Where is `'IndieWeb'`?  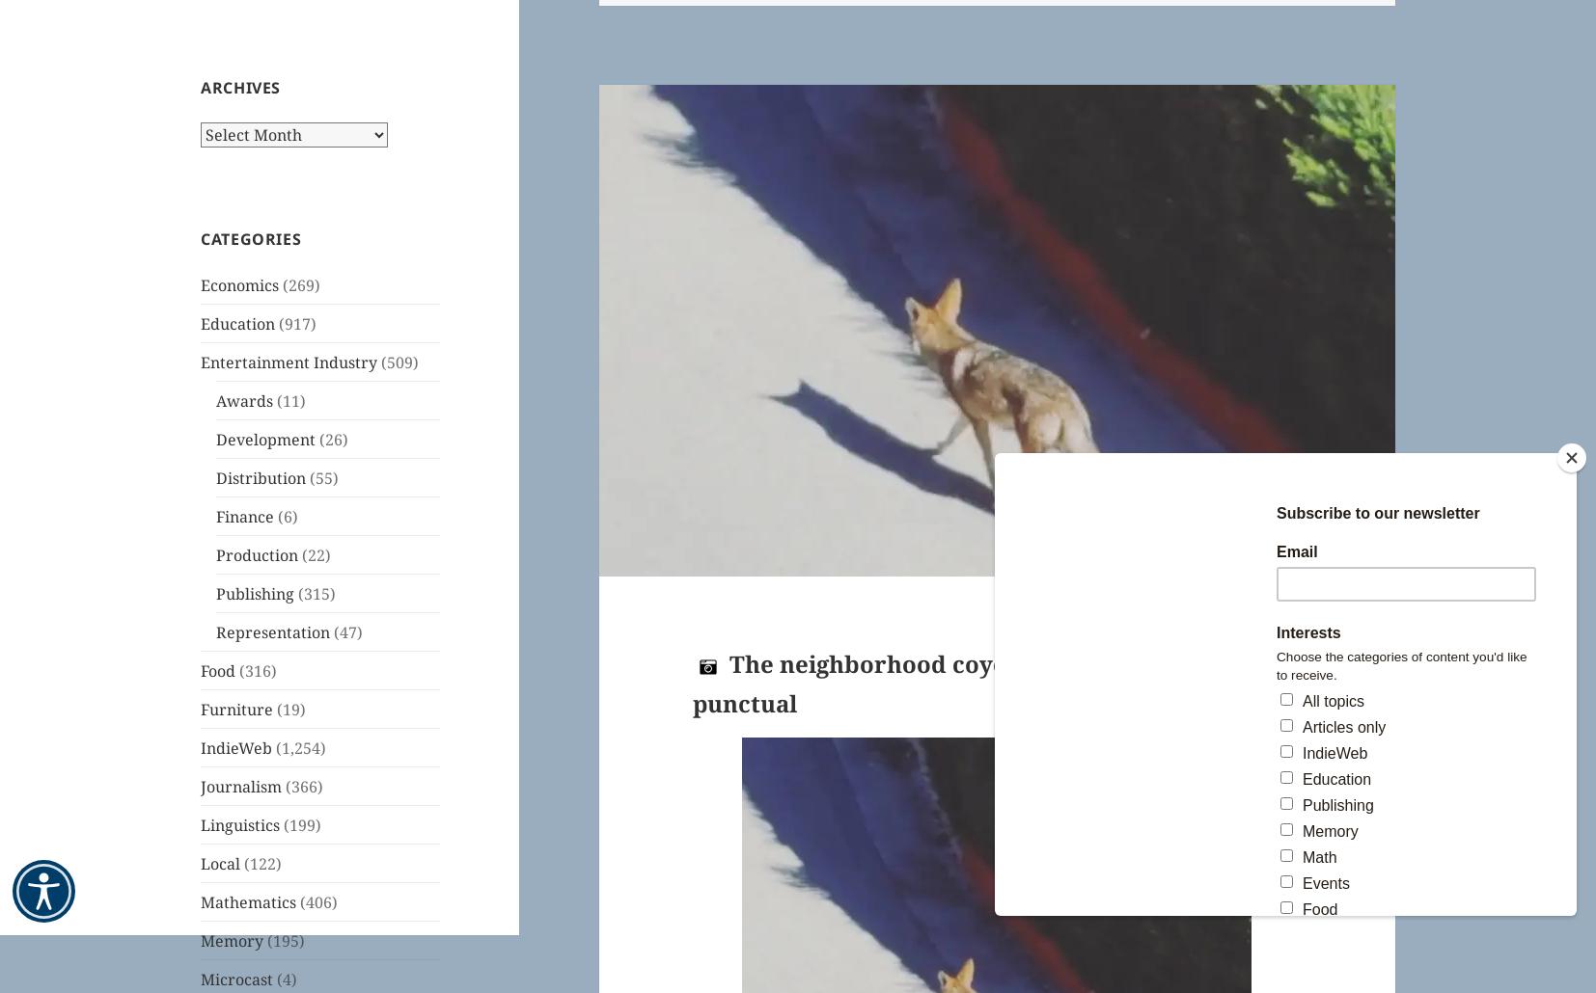
'IndieWeb' is located at coordinates (234, 745).